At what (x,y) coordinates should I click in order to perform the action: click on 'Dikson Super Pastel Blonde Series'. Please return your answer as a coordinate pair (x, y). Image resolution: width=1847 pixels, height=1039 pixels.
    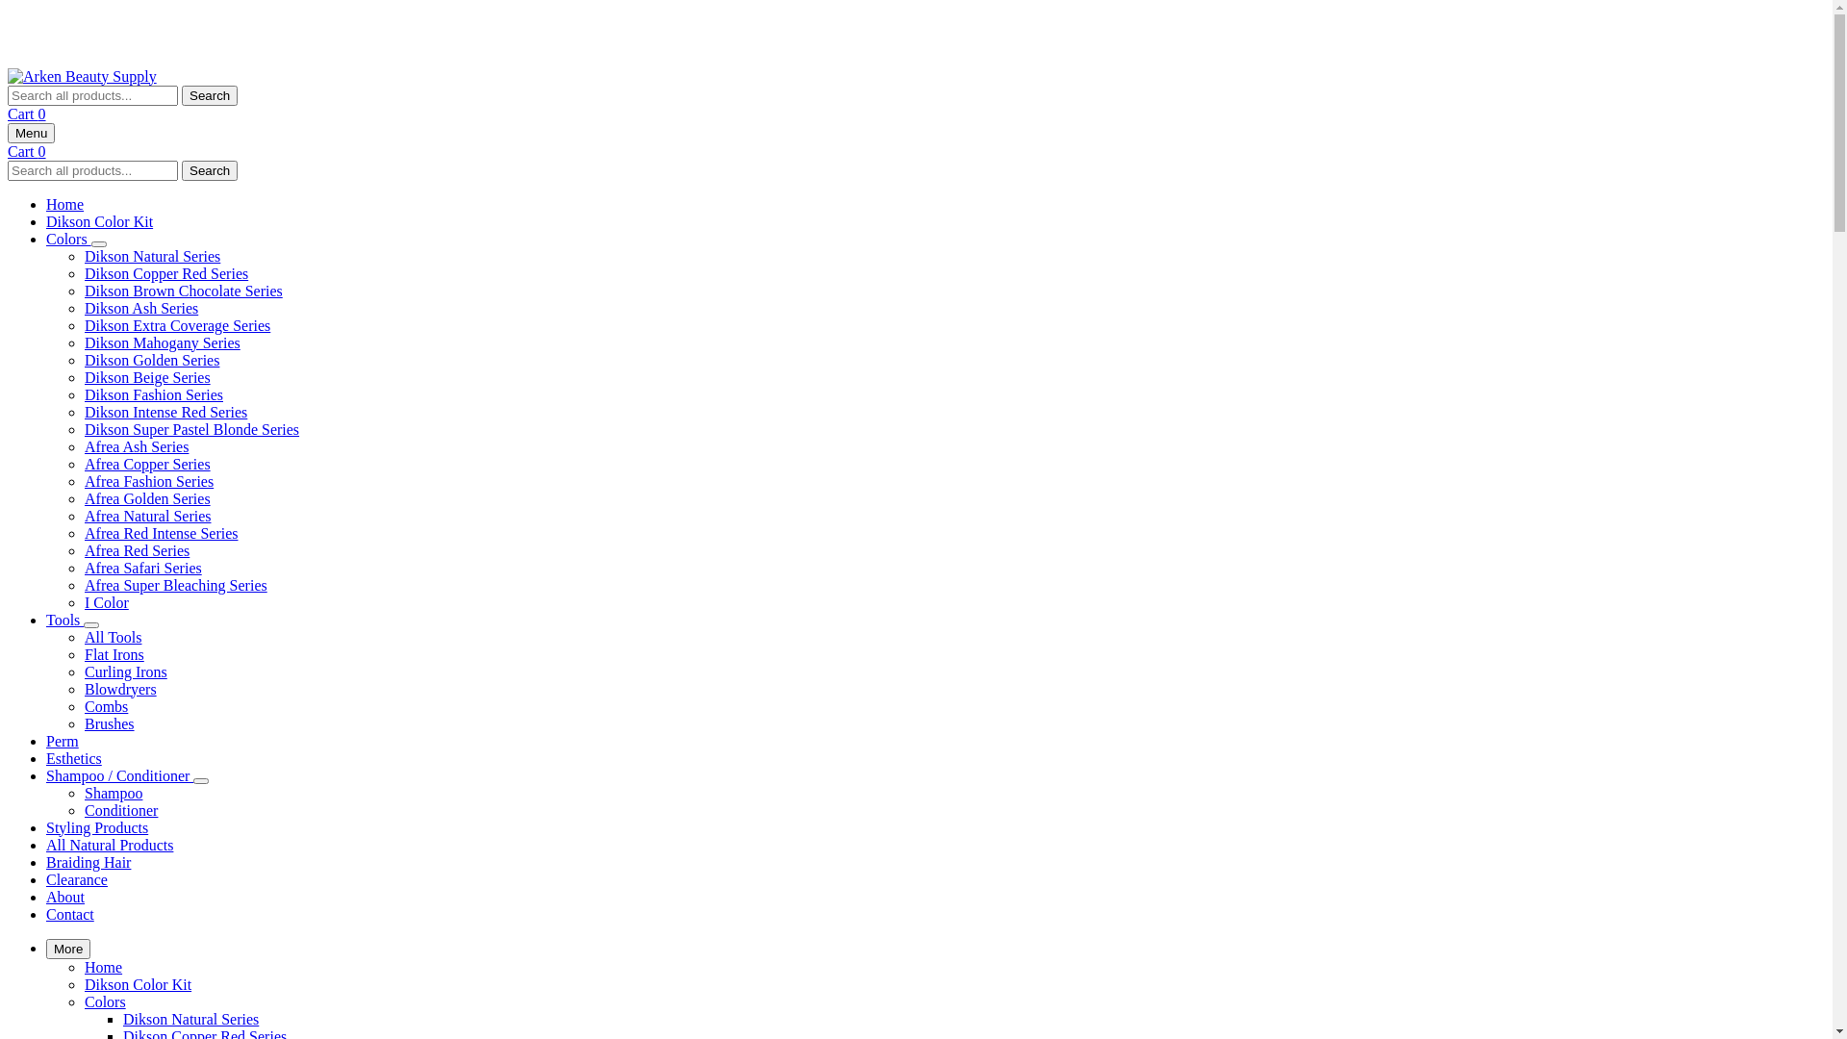
    Looking at the image, I should click on (191, 428).